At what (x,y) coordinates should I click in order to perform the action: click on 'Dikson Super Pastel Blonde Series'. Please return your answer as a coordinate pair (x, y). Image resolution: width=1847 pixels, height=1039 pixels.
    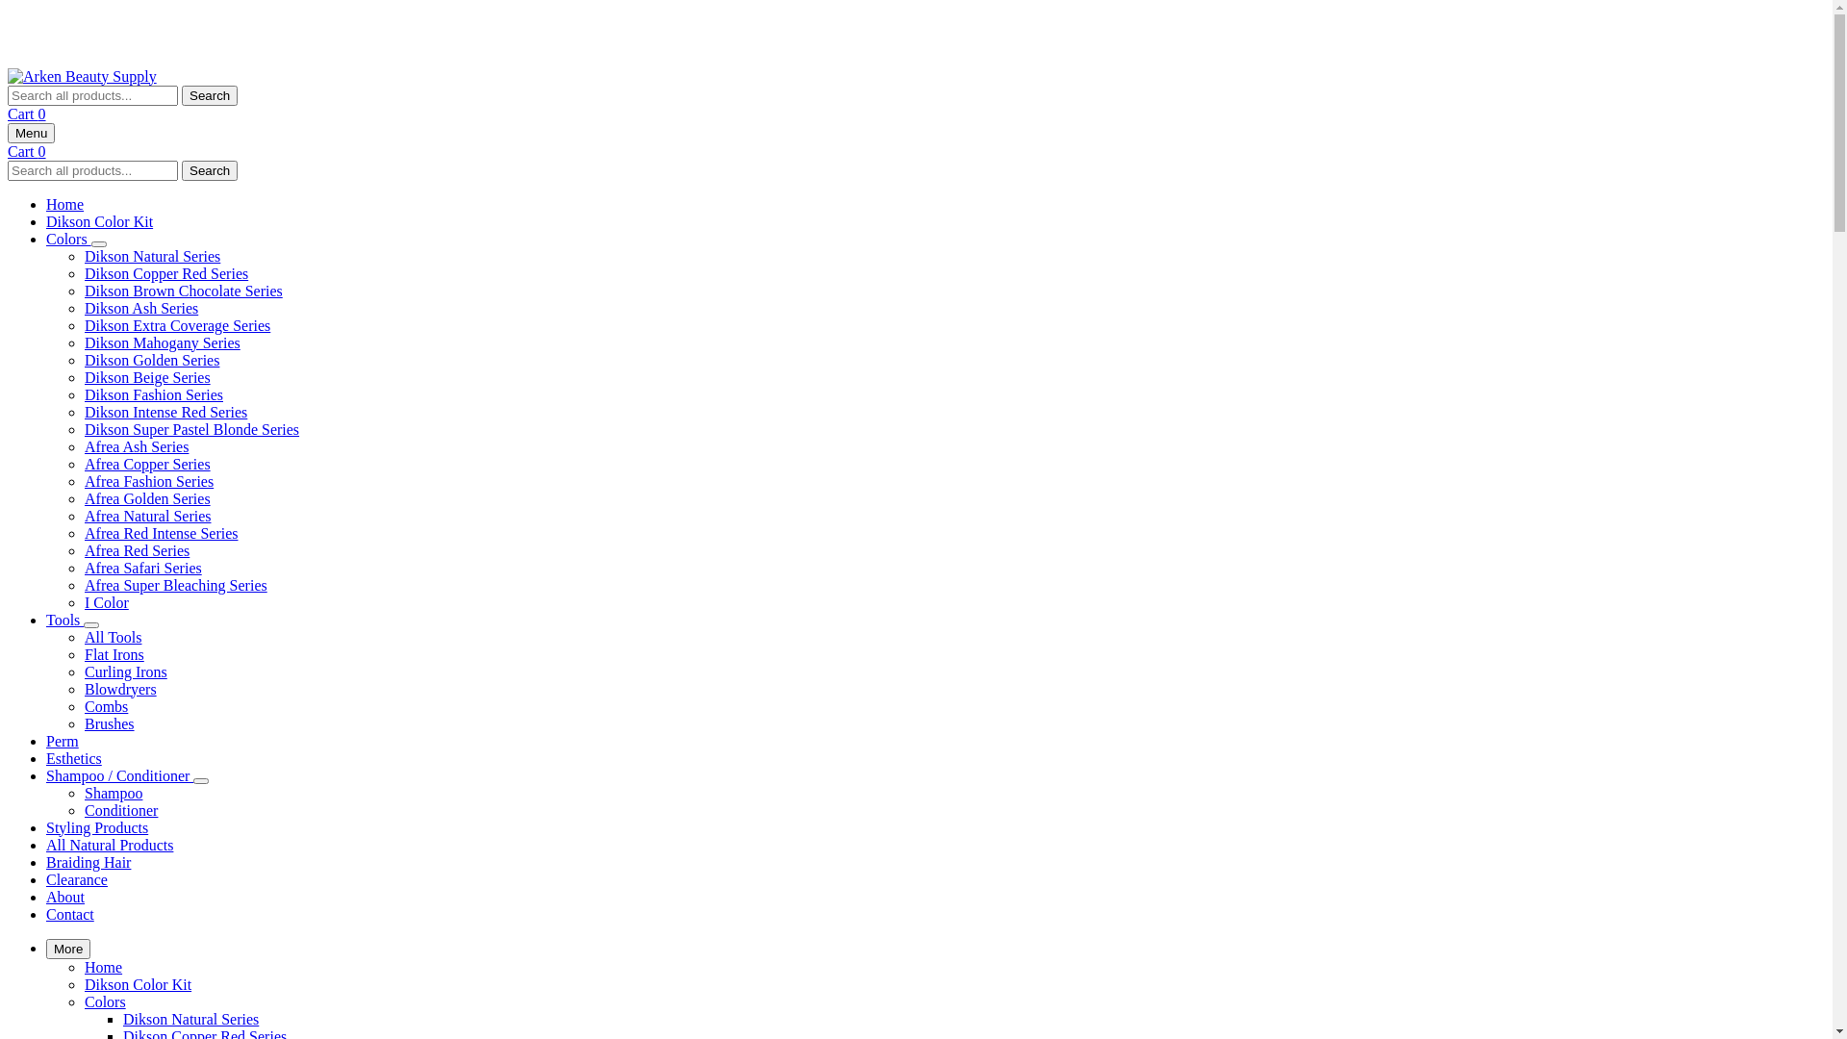
    Looking at the image, I should click on (191, 428).